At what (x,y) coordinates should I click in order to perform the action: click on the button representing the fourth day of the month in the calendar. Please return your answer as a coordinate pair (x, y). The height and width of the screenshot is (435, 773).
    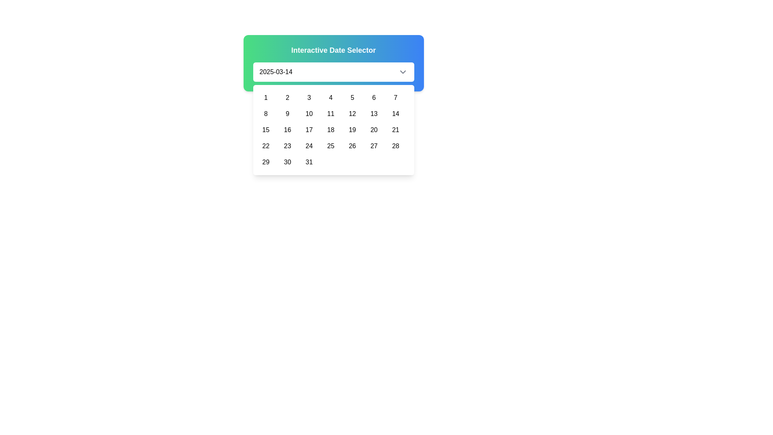
    Looking at the image, I should click on (331, 97).